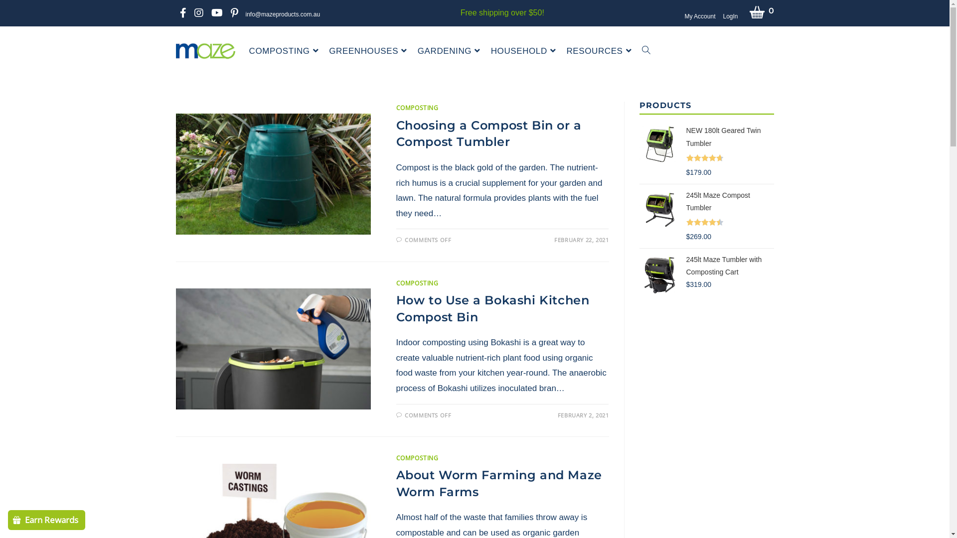  Describe the element at coordinates (492, 308) in the screenshot. I see `'How to Use a Bokashi Kitchen Compost Bin'` at that location.